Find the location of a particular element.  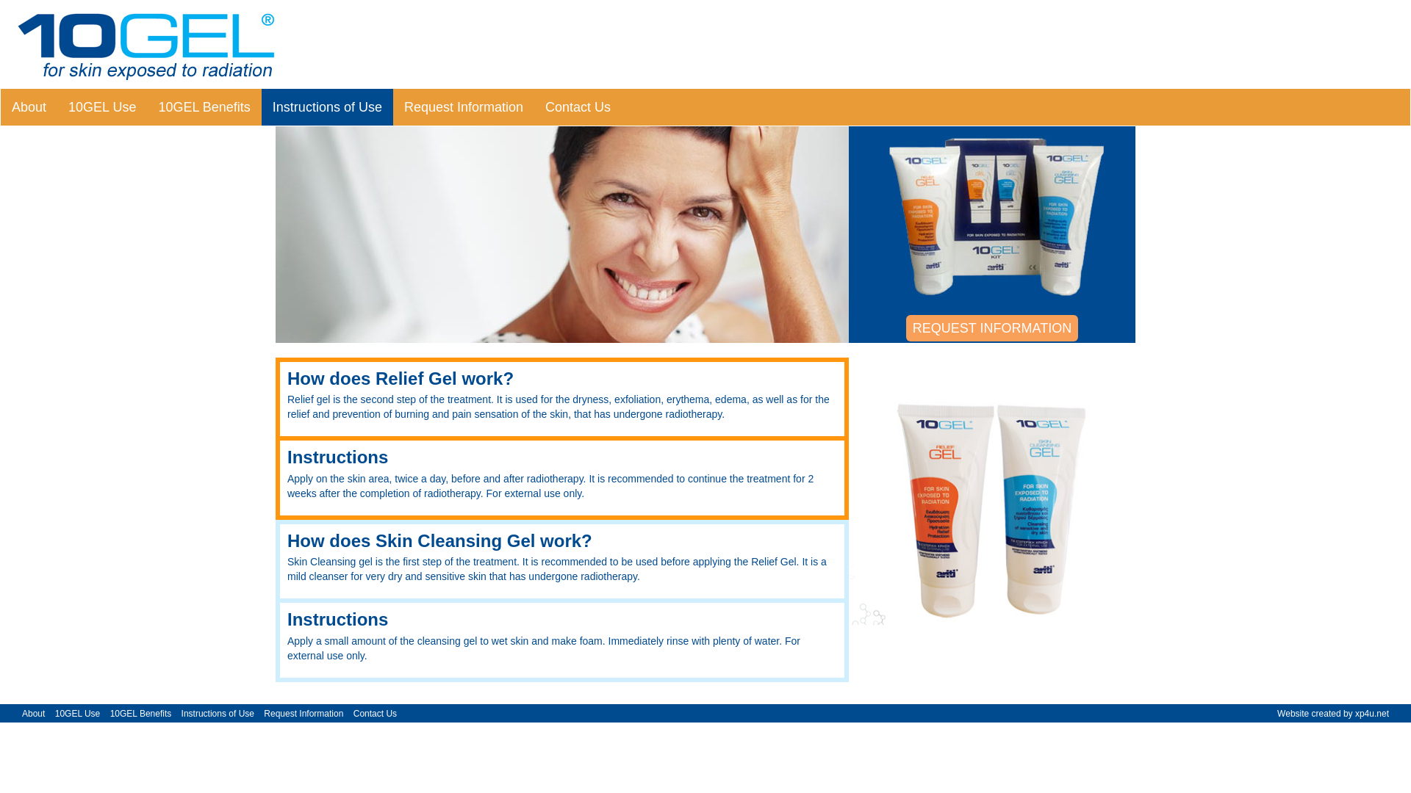

'10GEL Benefits' is located at coordinates (141, 713).